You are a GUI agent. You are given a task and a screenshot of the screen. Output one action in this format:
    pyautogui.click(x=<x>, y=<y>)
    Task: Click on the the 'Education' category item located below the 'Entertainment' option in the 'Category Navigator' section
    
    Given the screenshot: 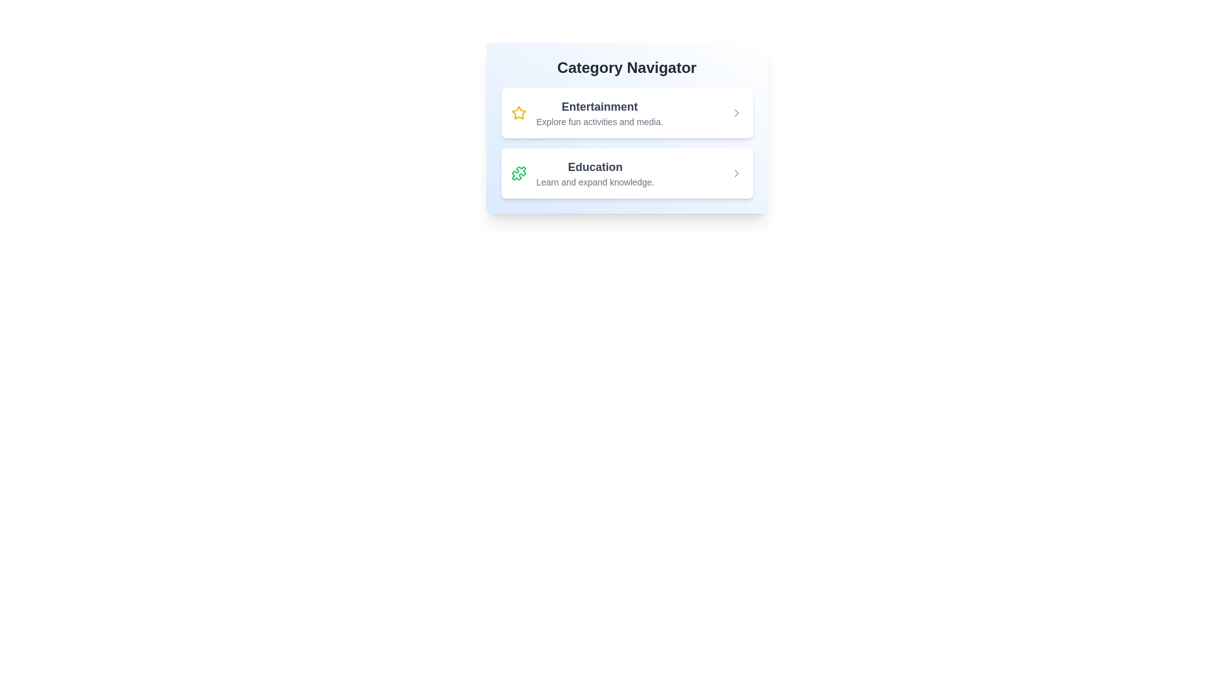 What is the action you would take?
    pyautogui.click(x=595, y=174)
    